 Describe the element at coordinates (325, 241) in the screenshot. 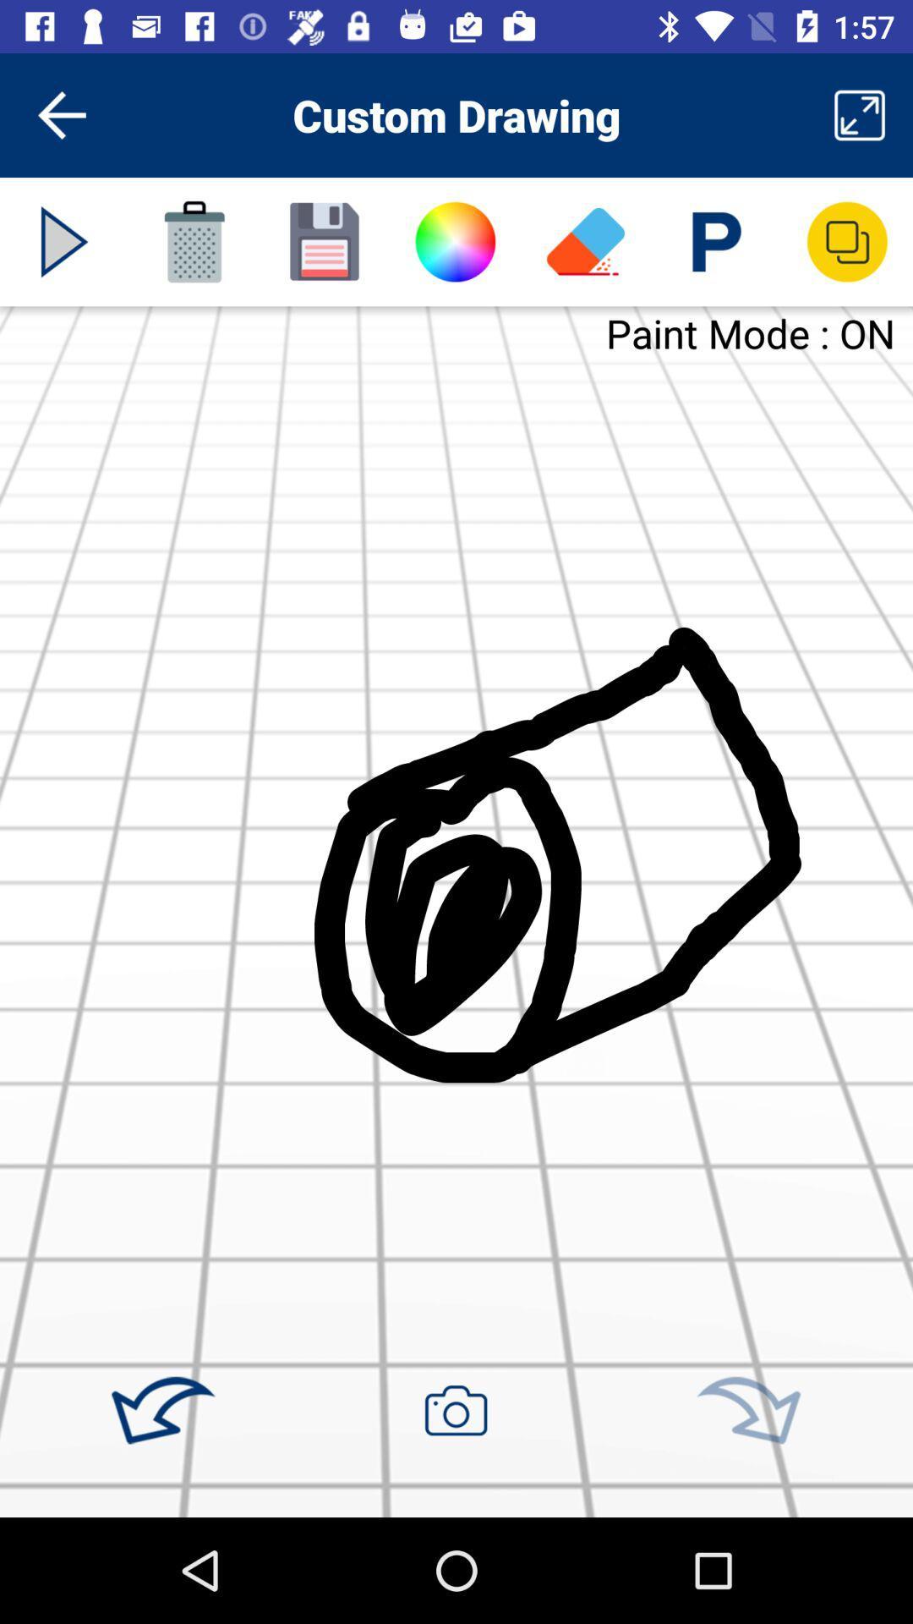

I see `would save file` at that location.